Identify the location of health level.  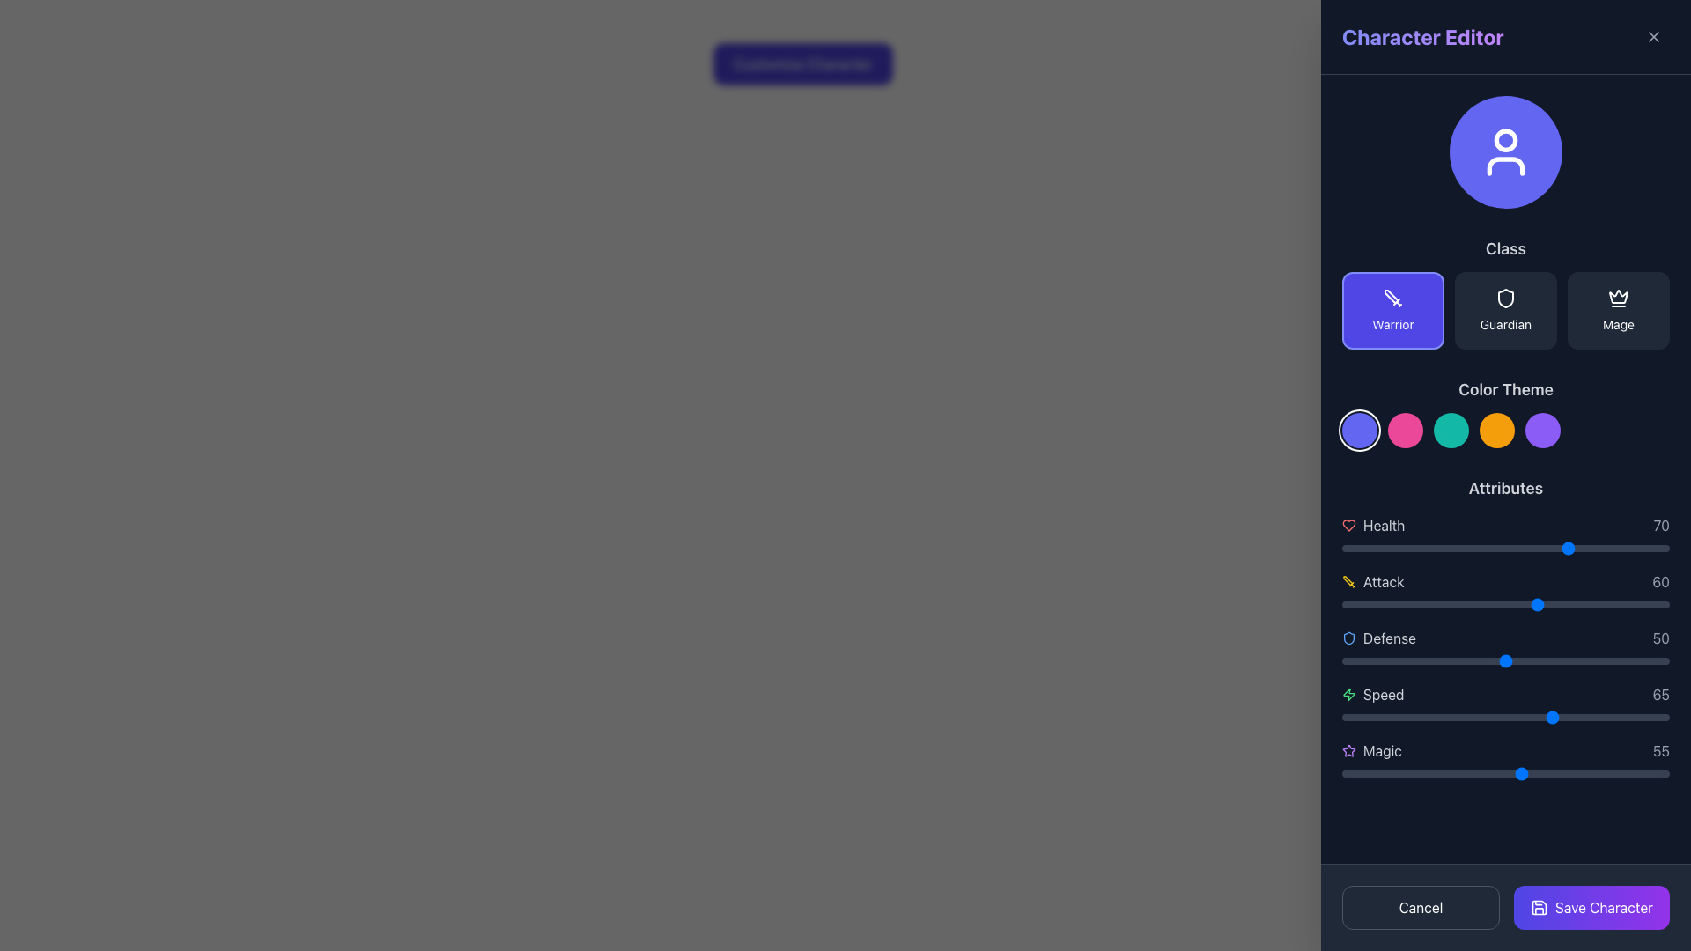
(1544, 548).